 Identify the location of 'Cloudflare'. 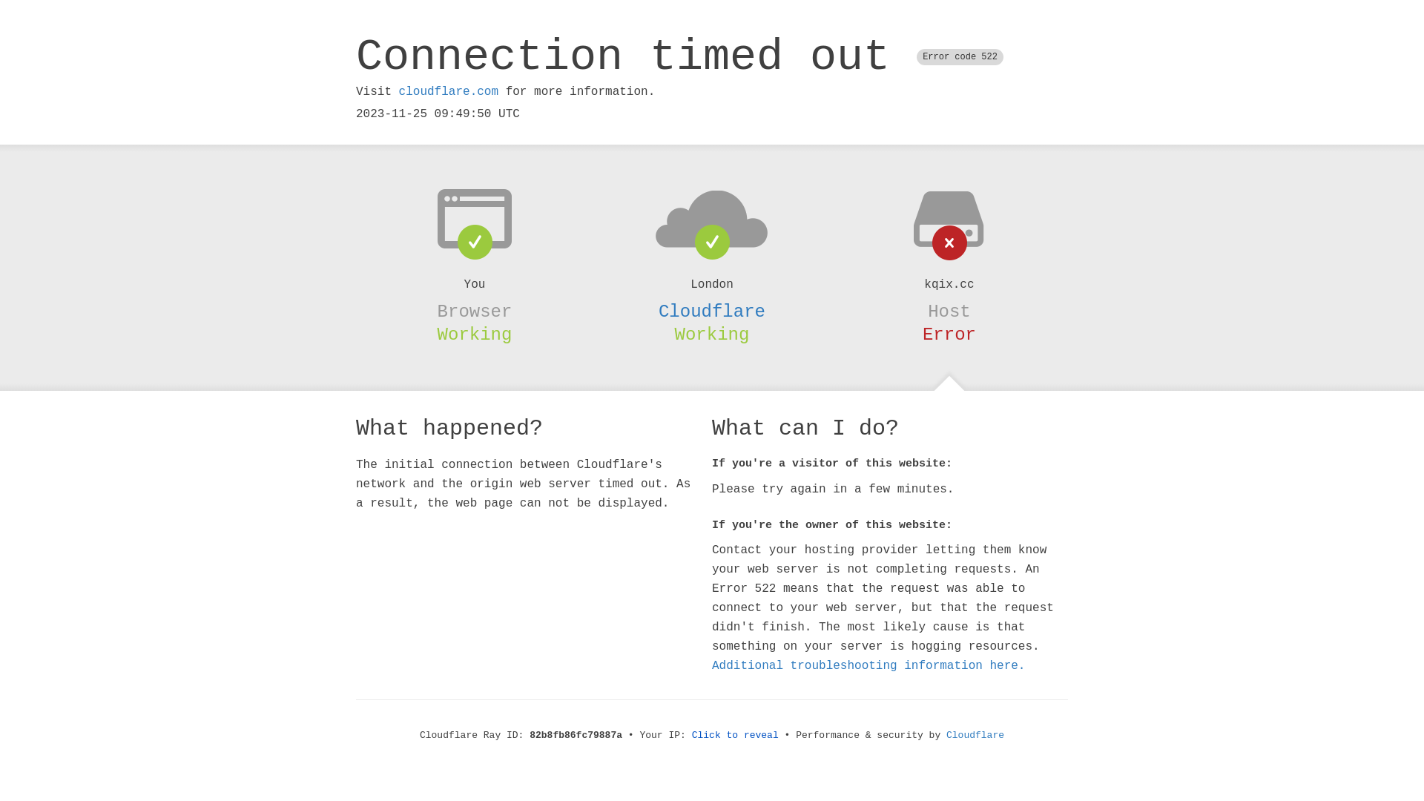
(975, 735).